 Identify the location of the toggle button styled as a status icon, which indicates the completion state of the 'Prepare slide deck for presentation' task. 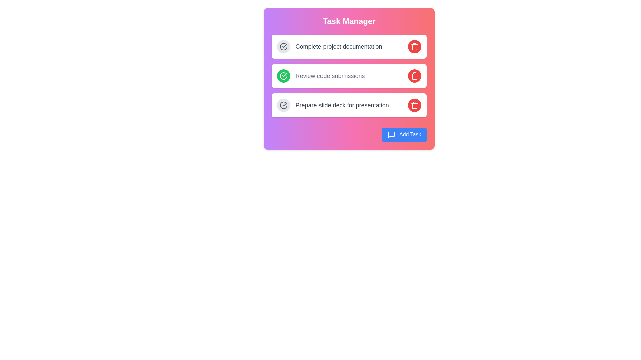
(283, 105).